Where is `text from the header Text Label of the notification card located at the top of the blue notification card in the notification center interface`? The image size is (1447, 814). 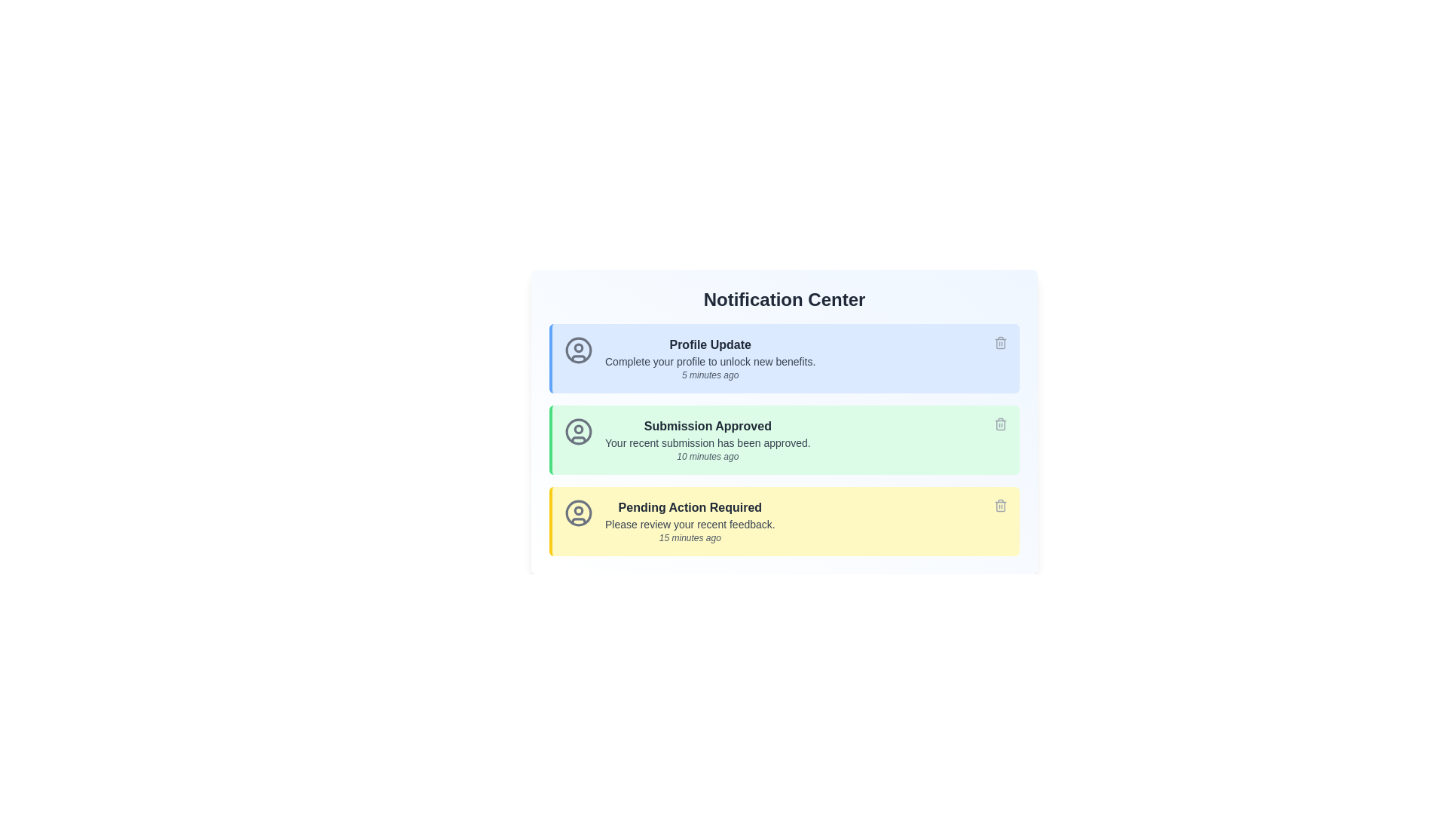 text from the header Text Label of the notification card located at the top of the blue notification card in the notification center interface is located at coordinates (709, 345).